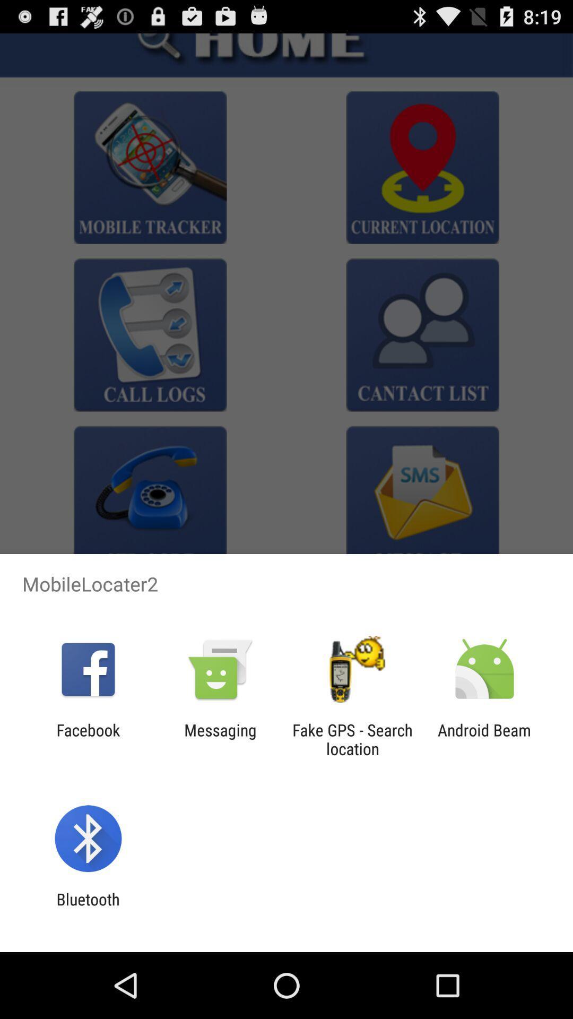 The height and width of the screenshot is (1019, 573). What do you see at coordinates (484, 739) in the screenshot?
I see `android beam icon` at bounding box center [484, 739].